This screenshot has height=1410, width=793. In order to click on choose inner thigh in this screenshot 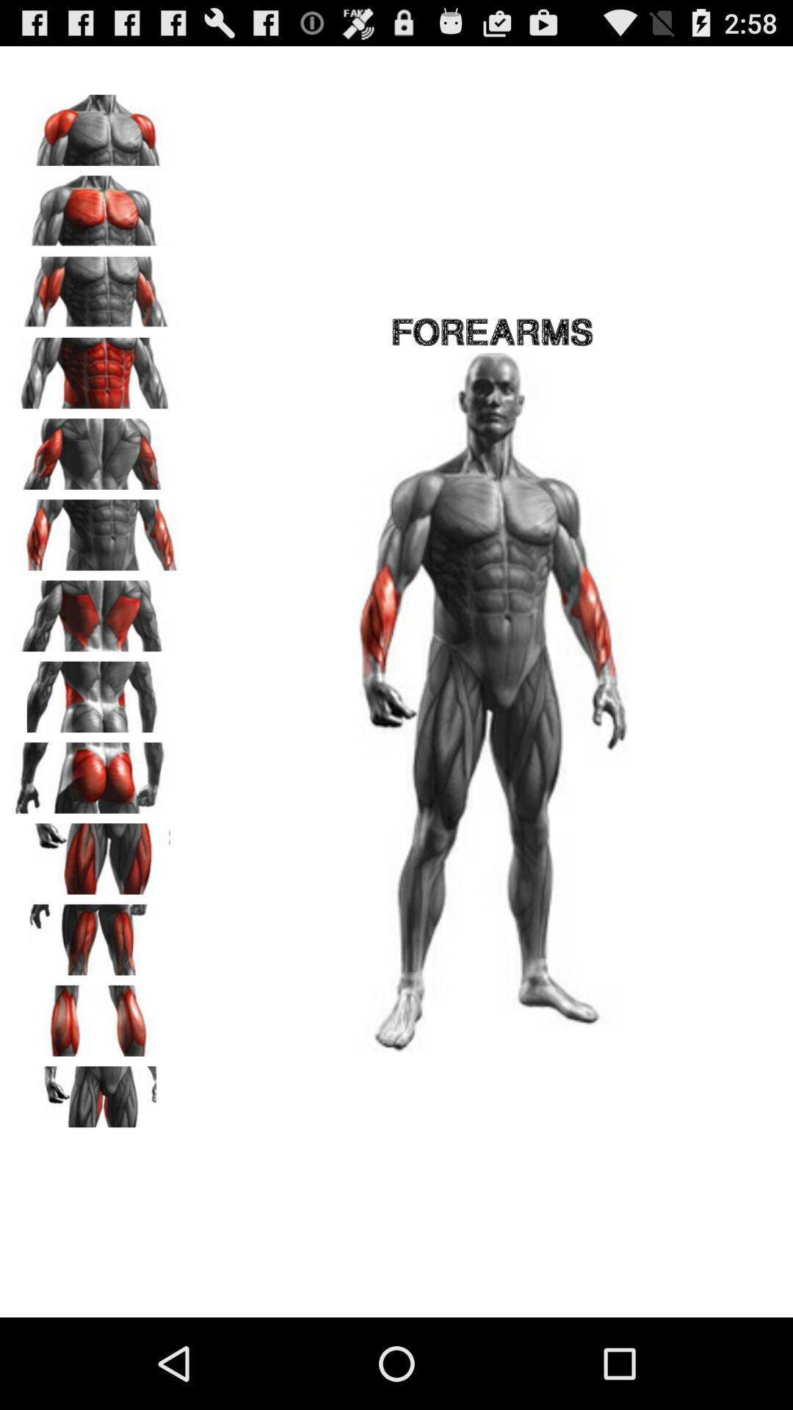, I will do `click(96, 1096)`.